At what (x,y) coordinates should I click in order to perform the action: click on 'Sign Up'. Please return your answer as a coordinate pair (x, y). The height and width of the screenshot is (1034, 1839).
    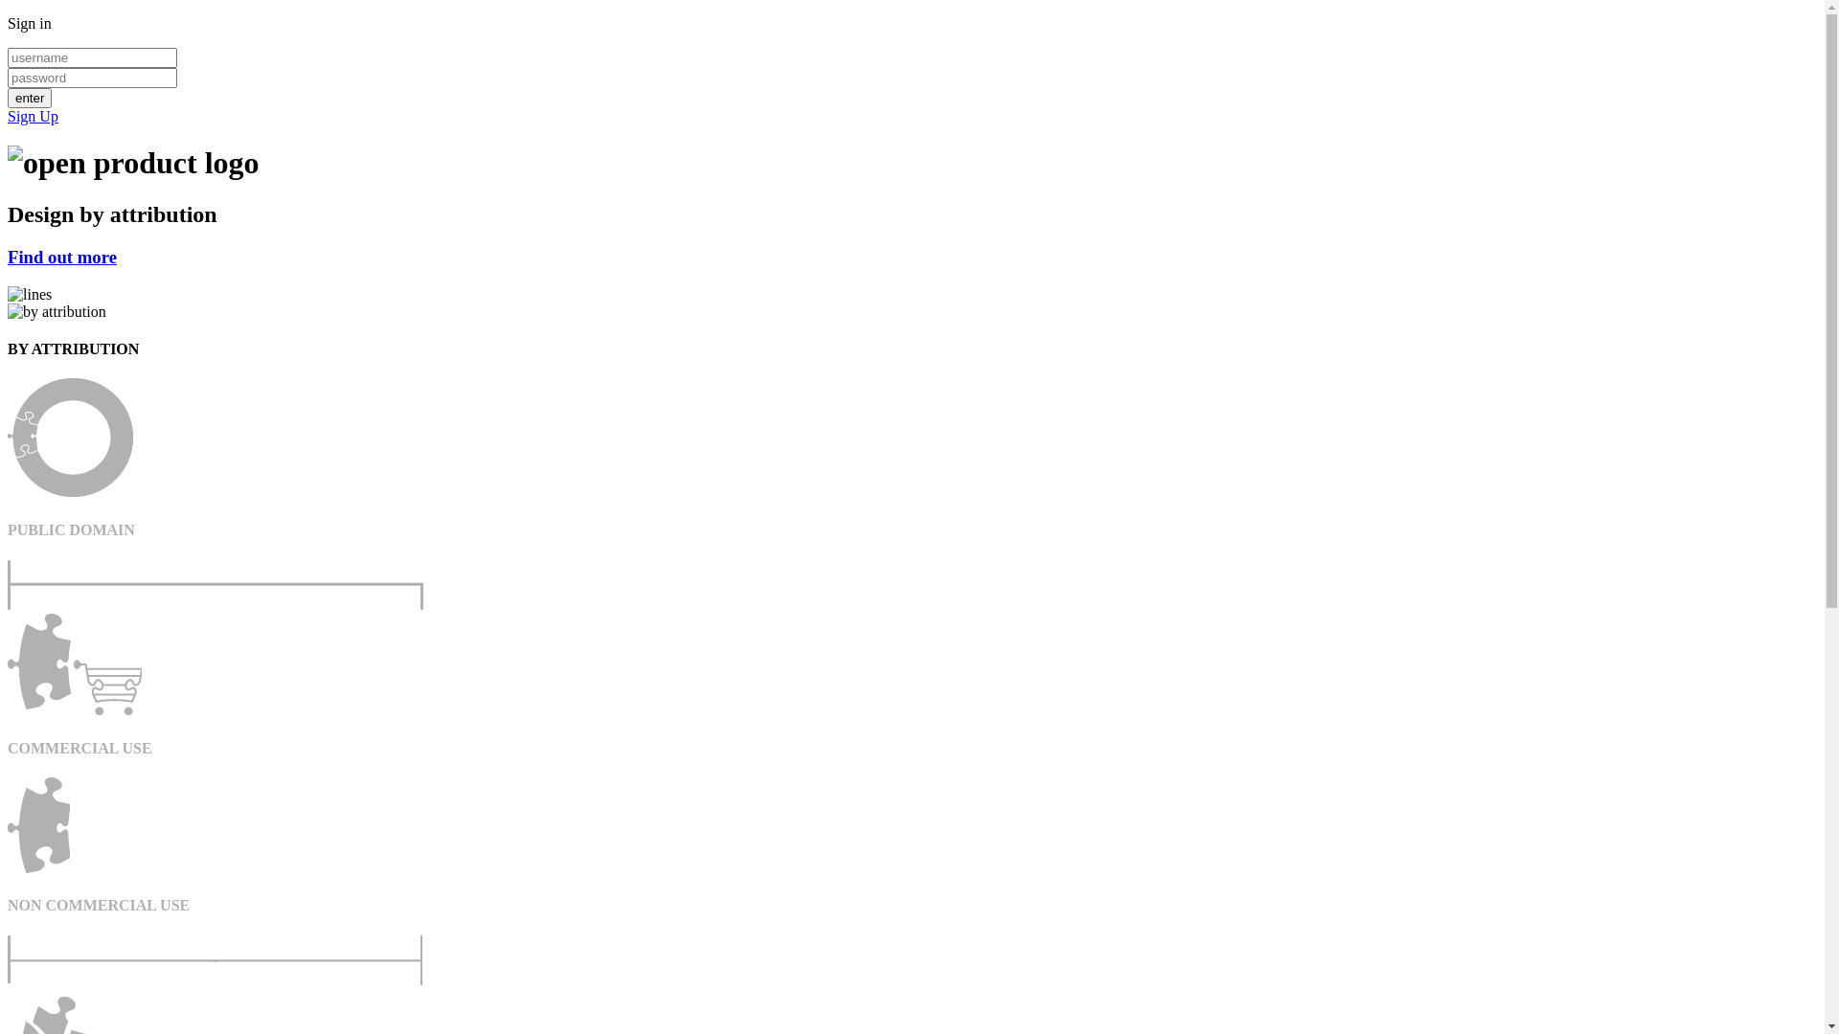
    Looking at the image, I should click on (33, 116).